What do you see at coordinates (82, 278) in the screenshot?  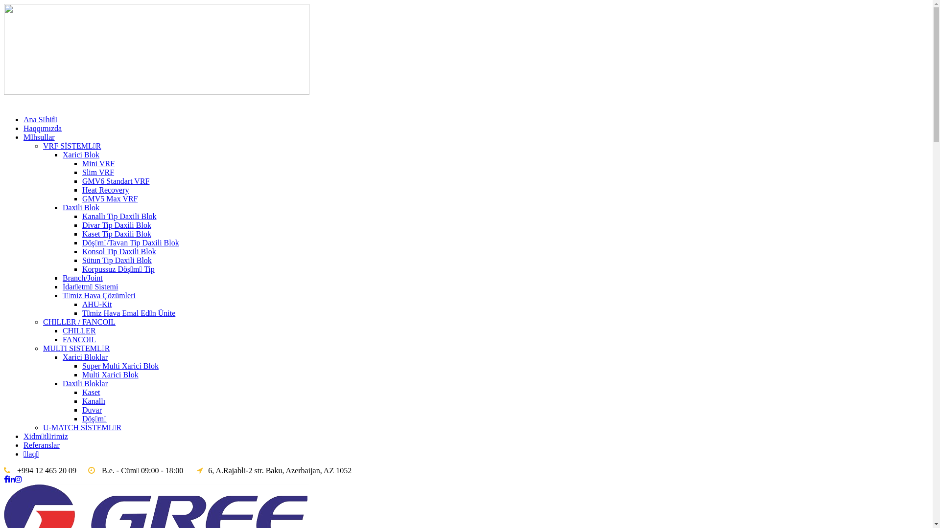 I see `'Branch/Joint'` at bounding box center [82, 278].